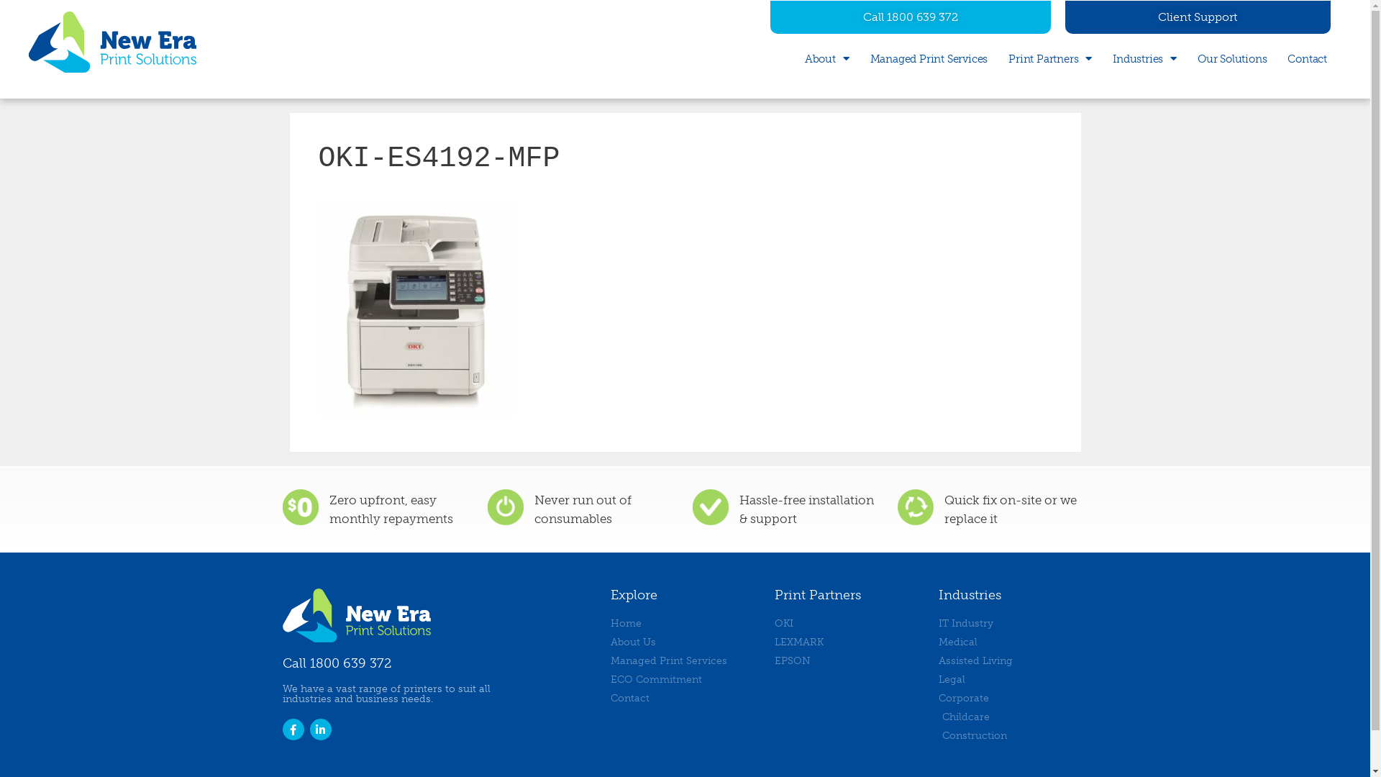 The height and width of the screenshot is (777, 1381). What do you see at coordinates (1011, 660) in the screenshot?
I see `'Assisted Living'` at bounding box center [1011, 660].